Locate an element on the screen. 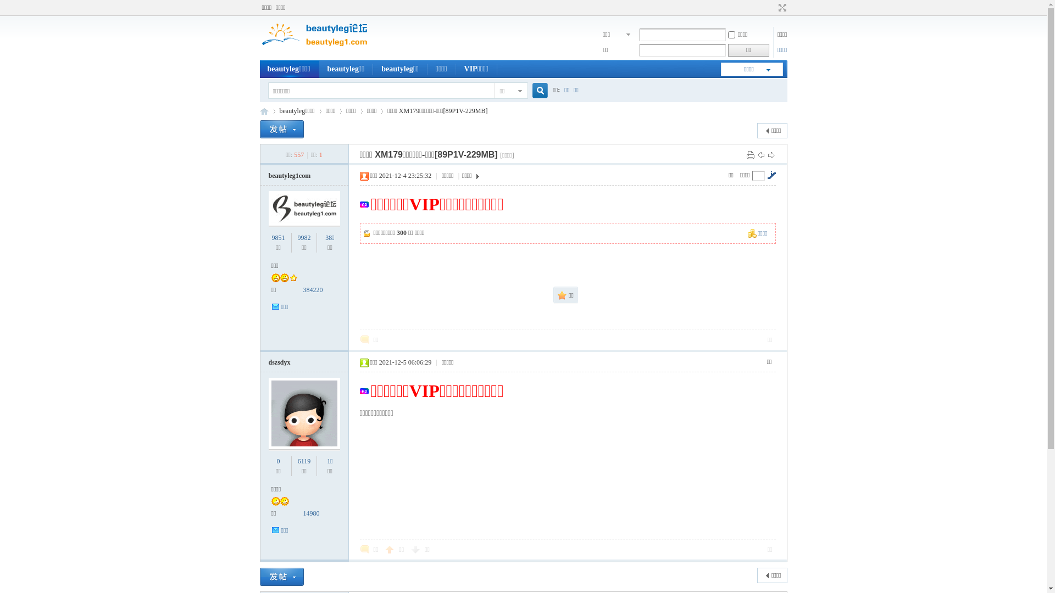 The width and height of the screenshot is (1055, 593). 'true' is located at coordinates (535, 90).